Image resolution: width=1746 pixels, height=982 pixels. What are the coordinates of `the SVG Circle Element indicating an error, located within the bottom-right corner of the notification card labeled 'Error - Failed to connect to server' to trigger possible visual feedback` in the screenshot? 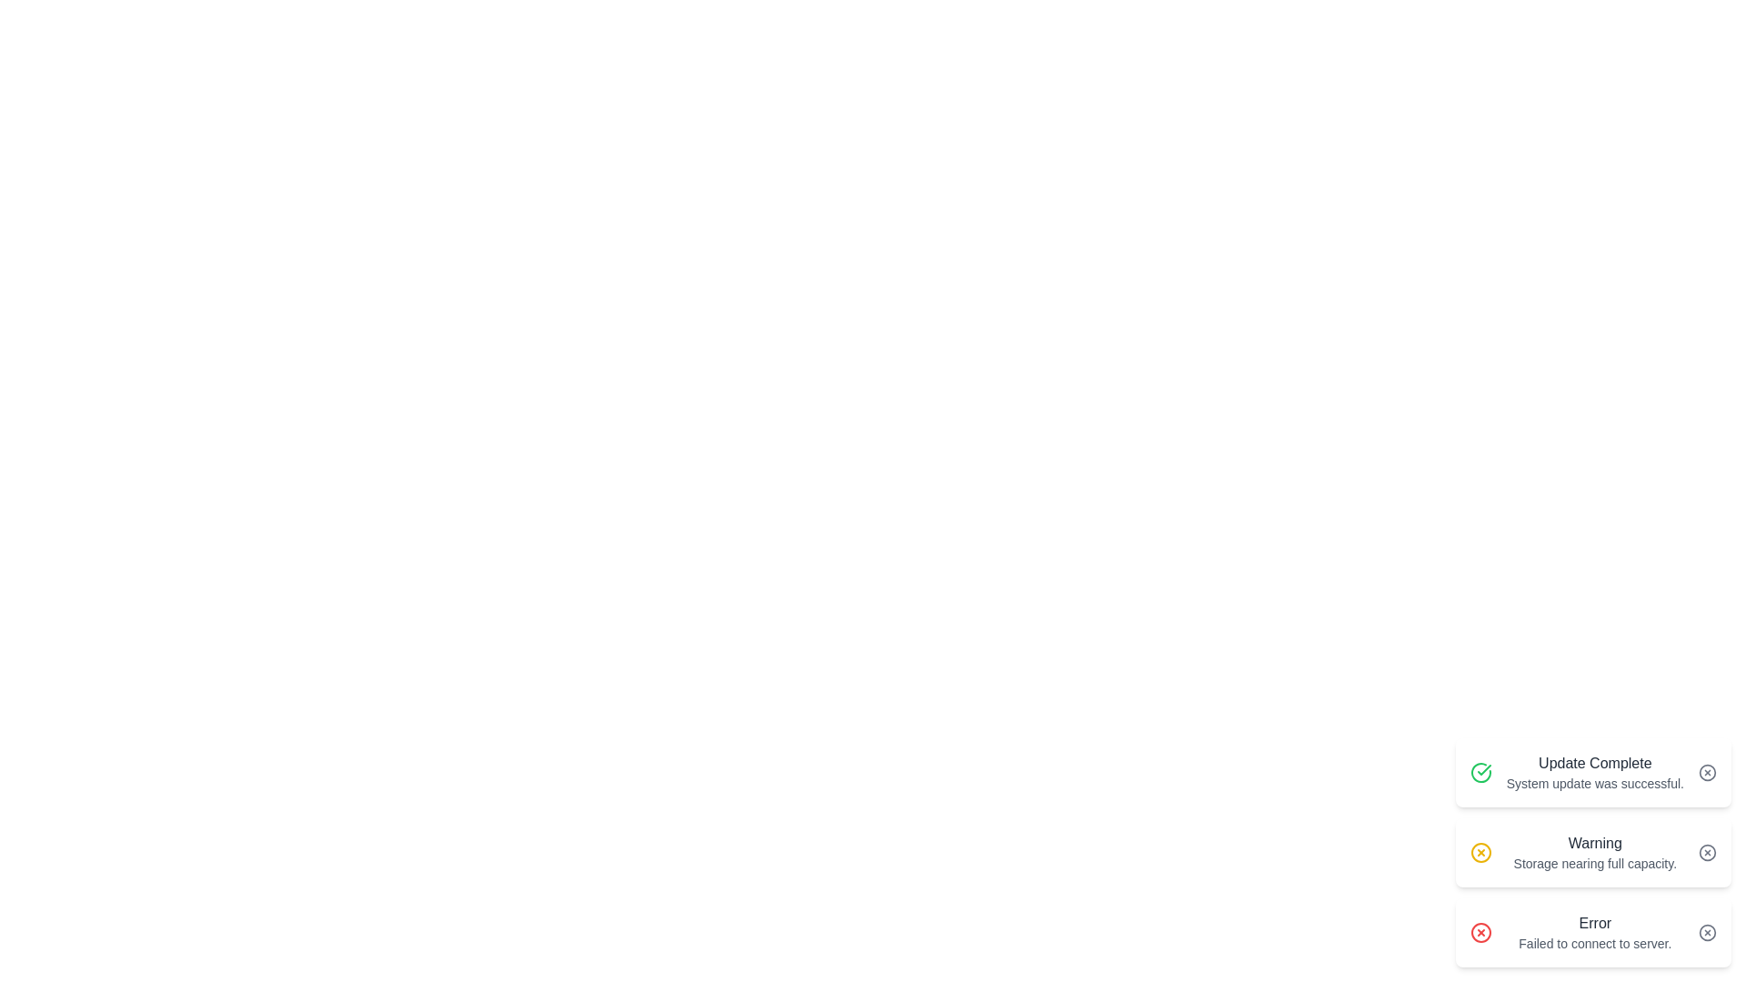 It's located at (1480, 933).